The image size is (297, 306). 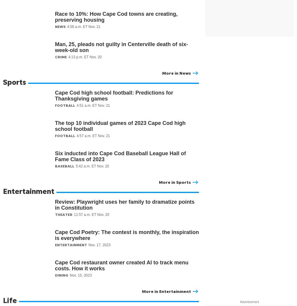 I want to click on 'More in News', so click(x=176, y=73).